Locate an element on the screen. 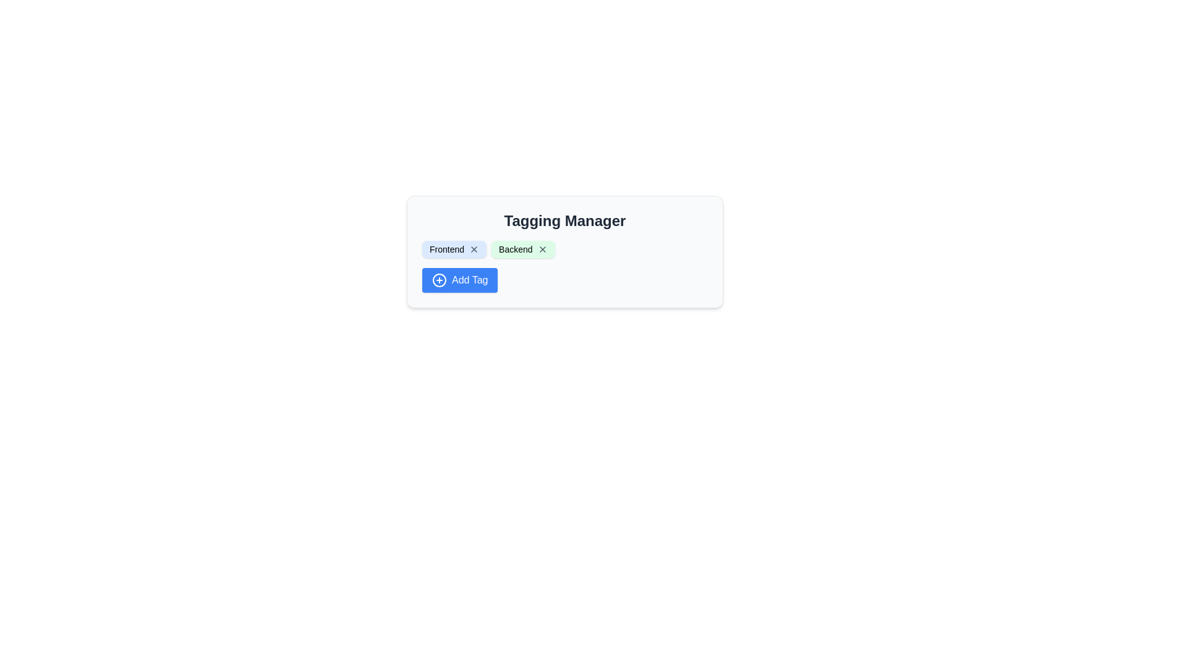 Image resolution: width=1187 pixels, height=667 pixels. the text label displaying the title 'Tagging Manager', which is styled with bold text and centrally aligned within a white rectangular box is located at coordinates (564, 220).